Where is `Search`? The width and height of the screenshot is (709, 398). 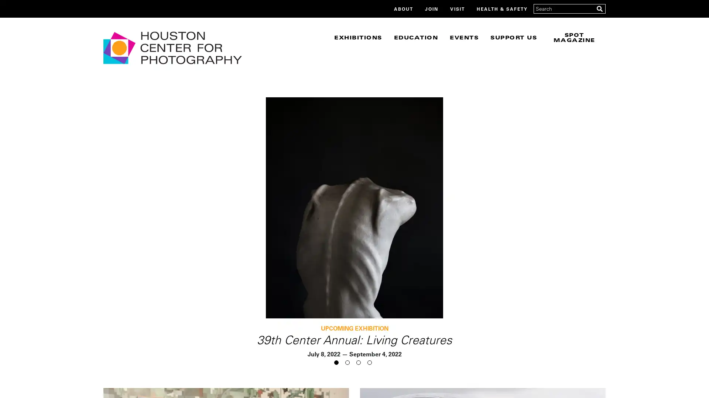
Search is located at coordinates (599, 8).